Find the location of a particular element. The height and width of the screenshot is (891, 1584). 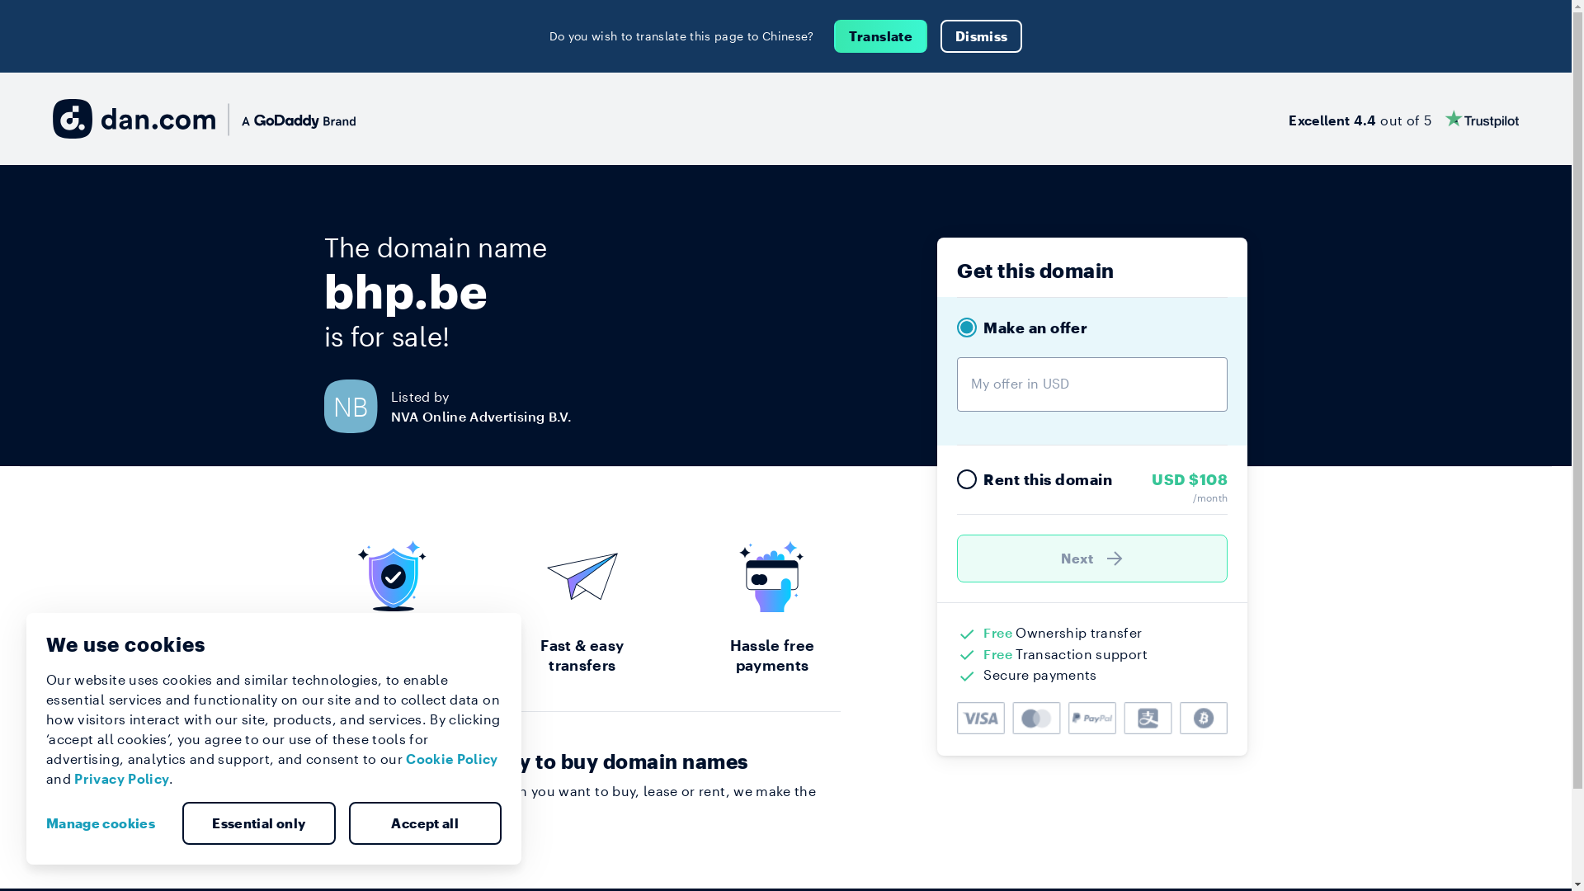

'Next is located at coordinates (1092, 558).